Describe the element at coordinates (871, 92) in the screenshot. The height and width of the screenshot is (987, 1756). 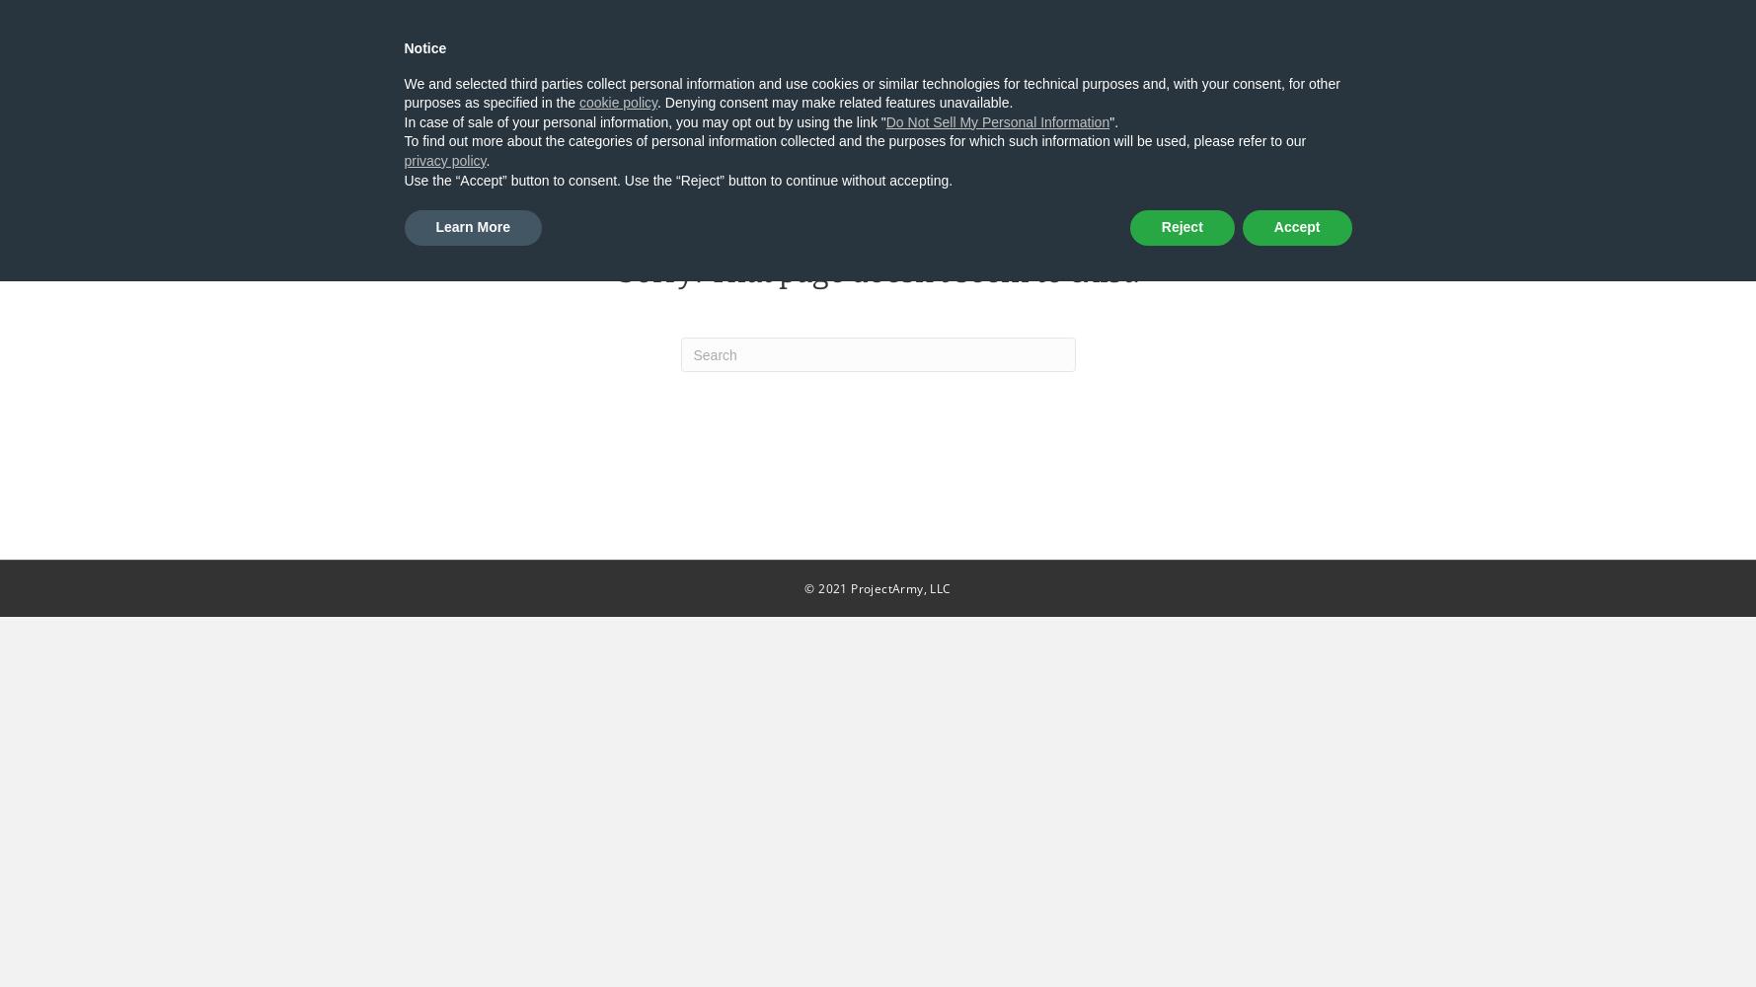
I see `'We and selected third parties collect personal information and use cookies or similar technologies for technical purposes and, with your consent, for other purposes as specified in the'` at that location.